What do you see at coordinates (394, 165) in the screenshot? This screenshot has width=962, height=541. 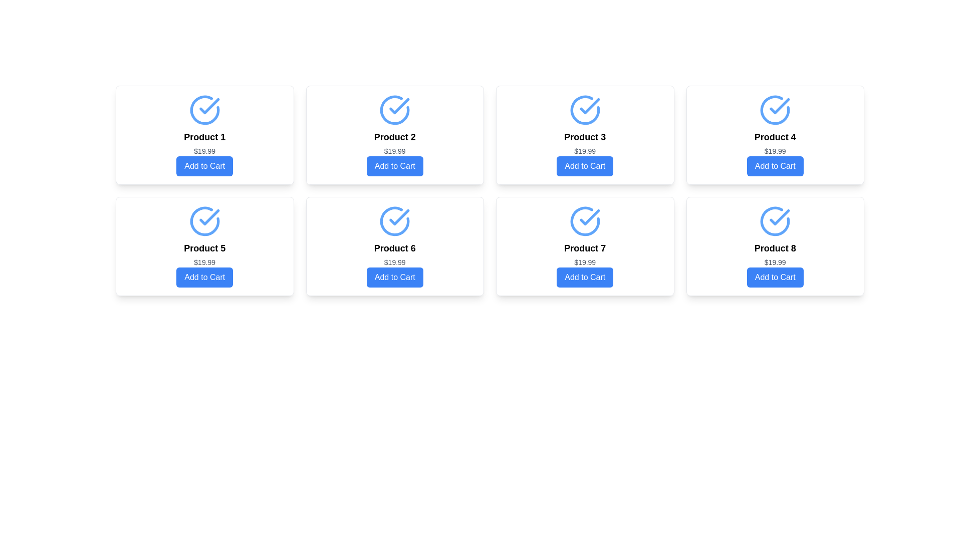 I see `the blue 'Add to Cart' button located at the bottom-center of the 'Product 2' card` at bounding box center [394, 165].